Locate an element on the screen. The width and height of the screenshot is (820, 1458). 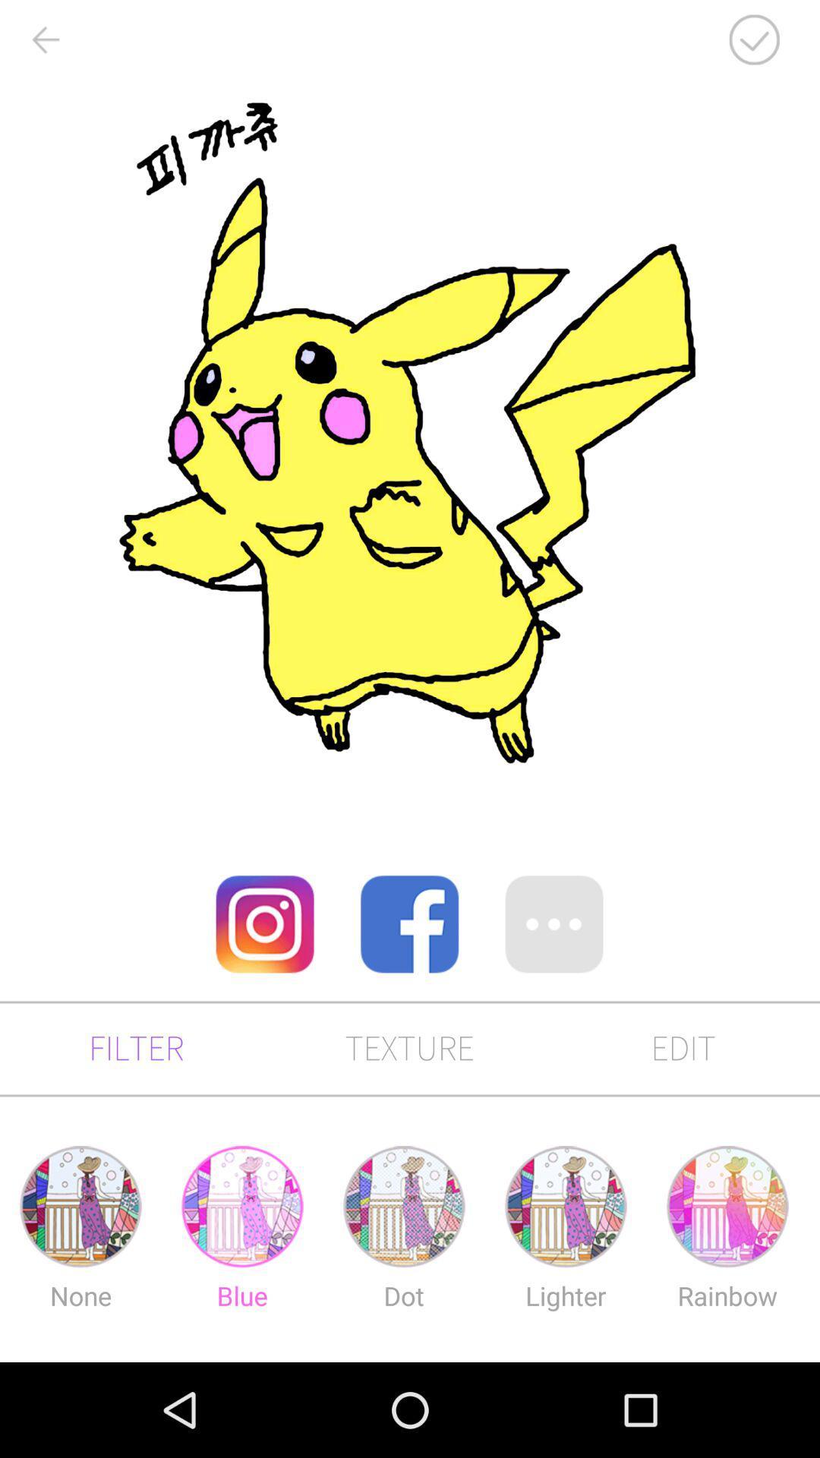
submit is located at coordinates (754, 39).